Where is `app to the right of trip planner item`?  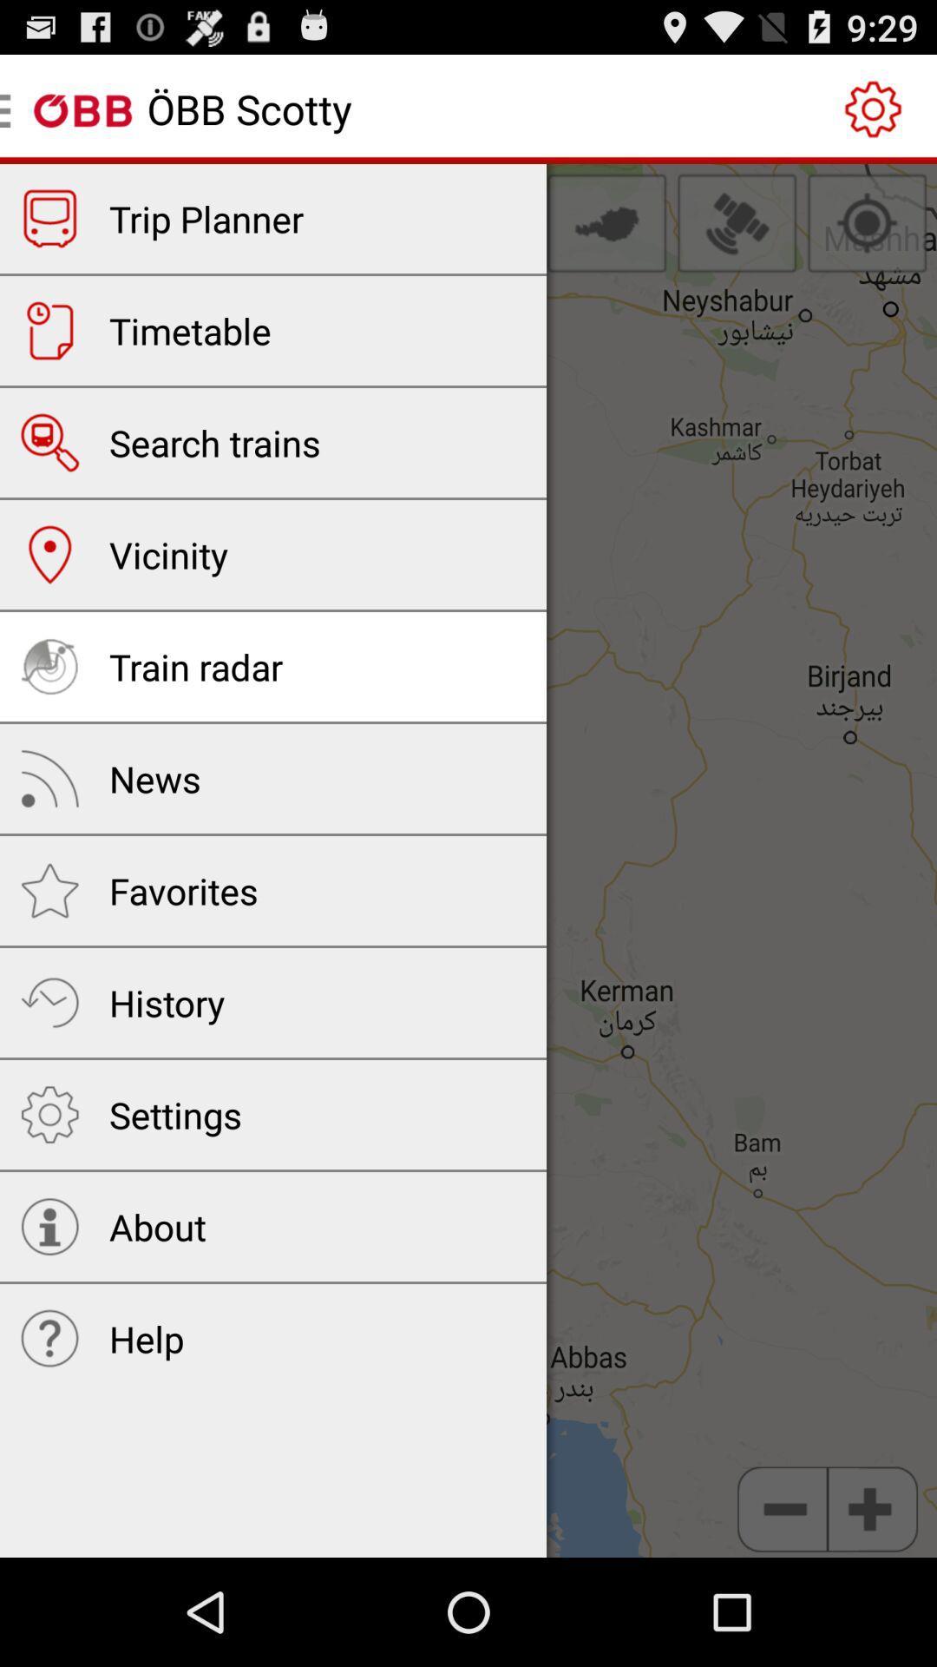
app to the right of trip planner item is located at coordinates (606, 222).